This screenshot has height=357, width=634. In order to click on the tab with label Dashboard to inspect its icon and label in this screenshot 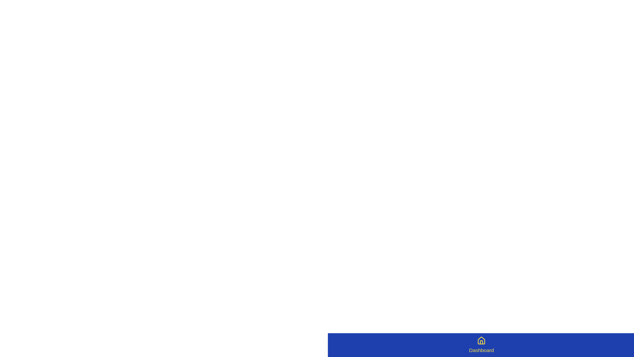, I will do `click(481, 345)`.